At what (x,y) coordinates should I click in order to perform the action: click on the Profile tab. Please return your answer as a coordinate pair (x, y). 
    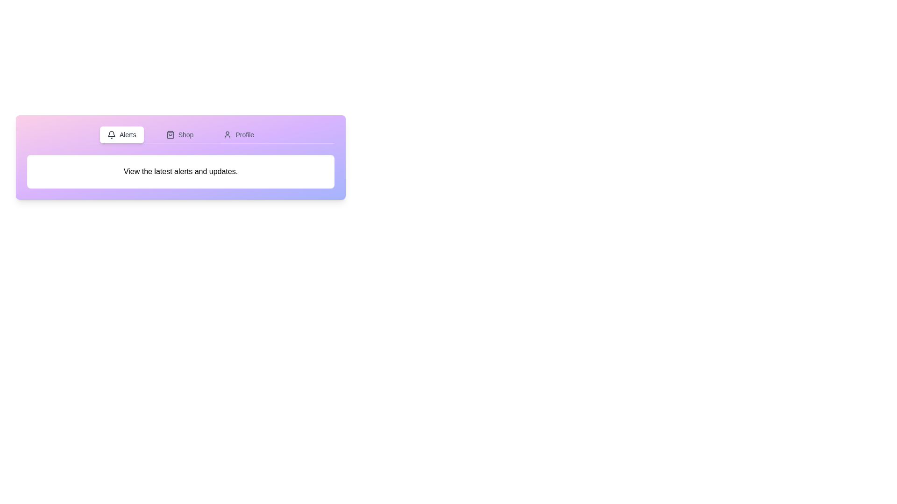
    Looking at the image, I should click on (238, 135).